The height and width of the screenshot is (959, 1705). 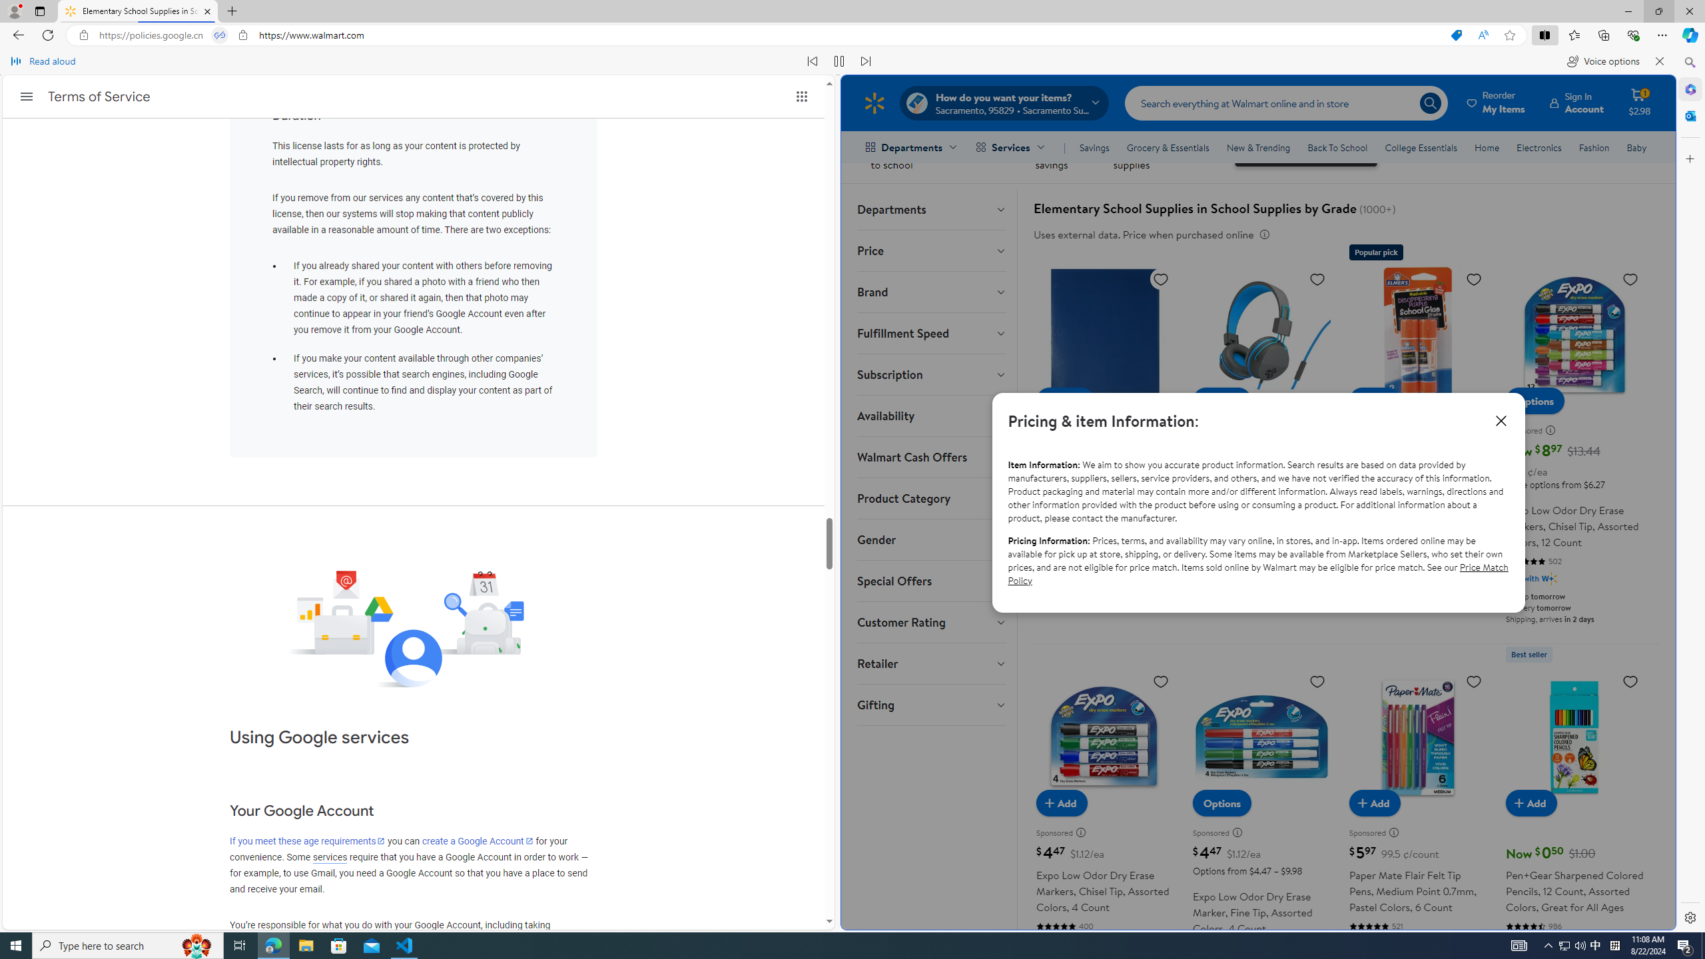 What do you see at coordinates (866, 61) in the screenshot?
I see `'Read next paragraph'` at bounding box center [866, 61].